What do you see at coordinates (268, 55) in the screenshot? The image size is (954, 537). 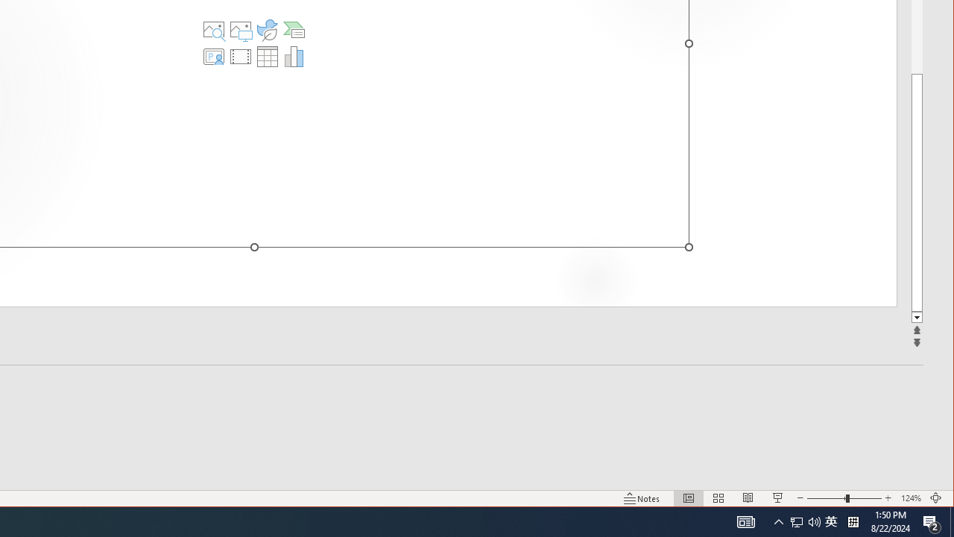 I see `'Insert Table'` at bounding box center [268, 55].